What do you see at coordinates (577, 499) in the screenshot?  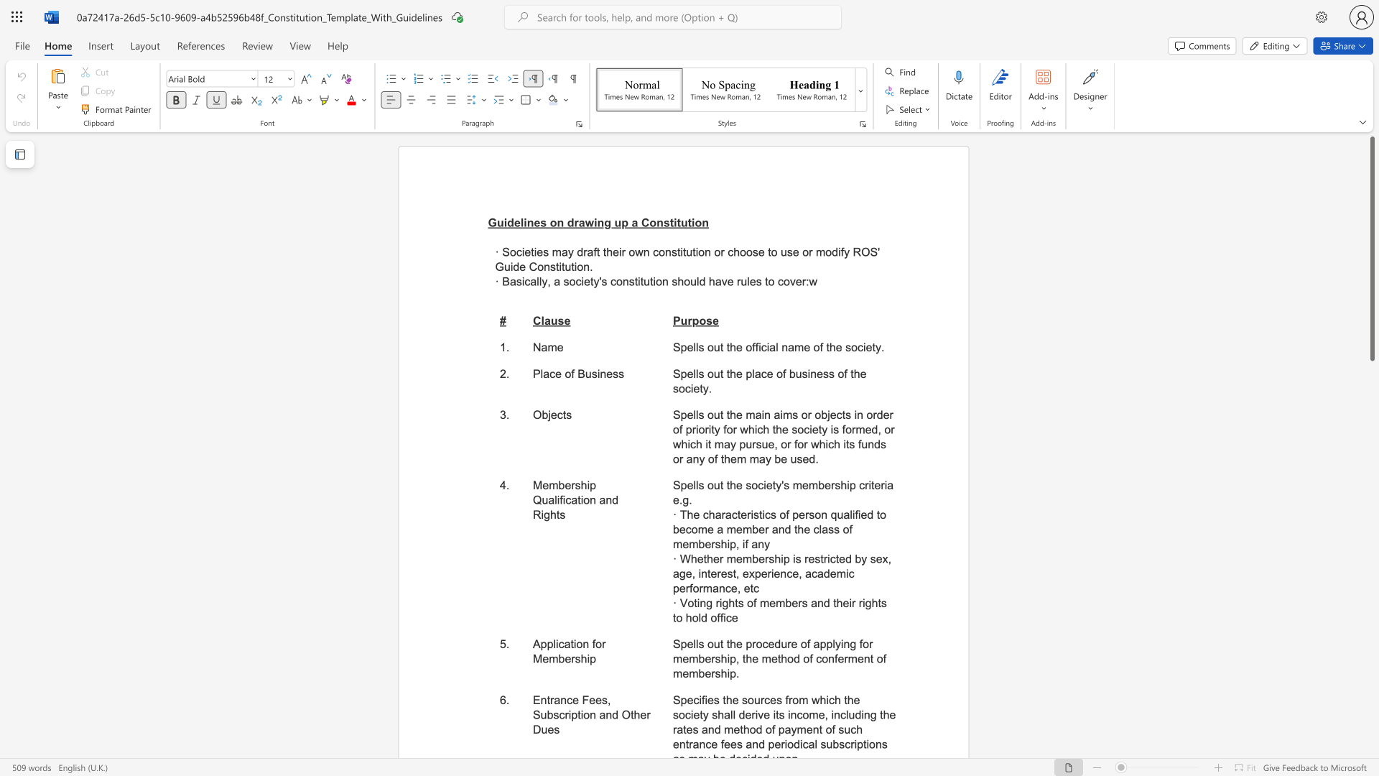 I see `the subset text "tion and Rights" within the text "Membership Qualification and Rights"` at bounding box center [577, 499].